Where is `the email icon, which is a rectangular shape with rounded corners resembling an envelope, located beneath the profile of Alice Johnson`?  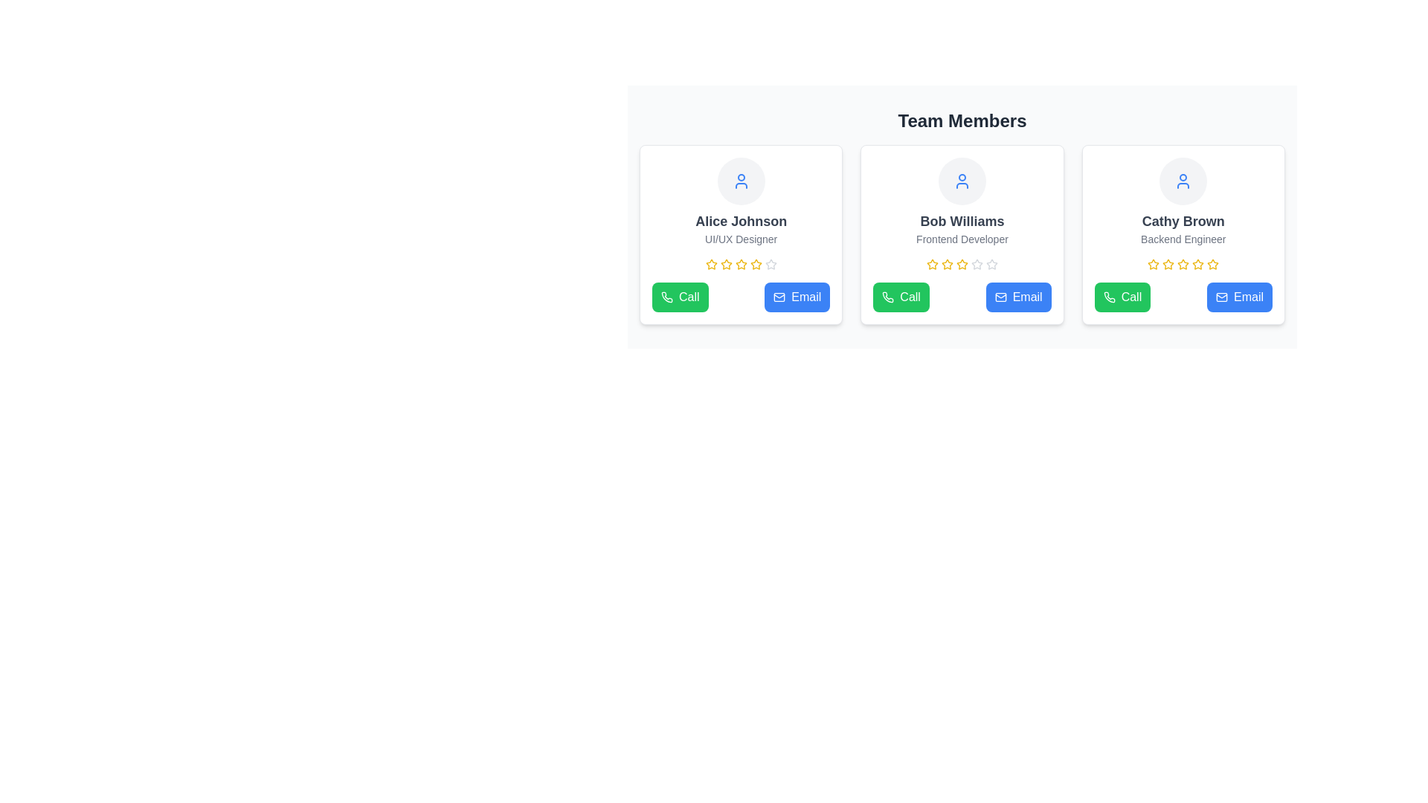 the email icon, which is a rectangular shape with rounded corners resembling an envelope, located beneath the profile of Alice Johnson is located at coordinates (779, 297).